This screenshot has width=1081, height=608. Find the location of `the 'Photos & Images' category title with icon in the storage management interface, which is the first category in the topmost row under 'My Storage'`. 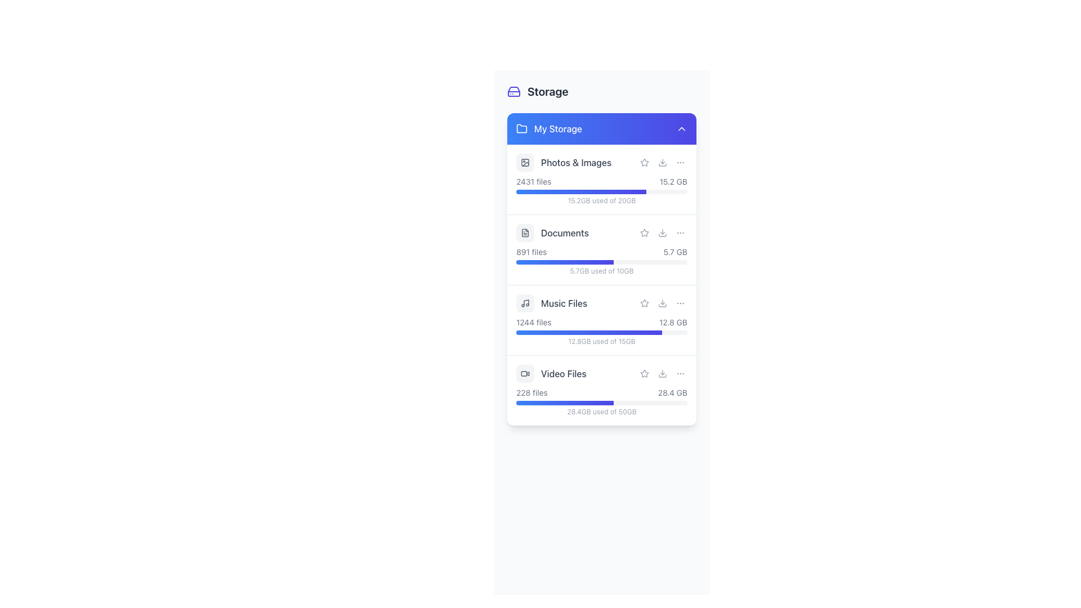

the 'Photos & Images' category title with icon in the storage management interface, which is the first category in the topmost row under 'My Storage' is located at coordinates (601, 163).